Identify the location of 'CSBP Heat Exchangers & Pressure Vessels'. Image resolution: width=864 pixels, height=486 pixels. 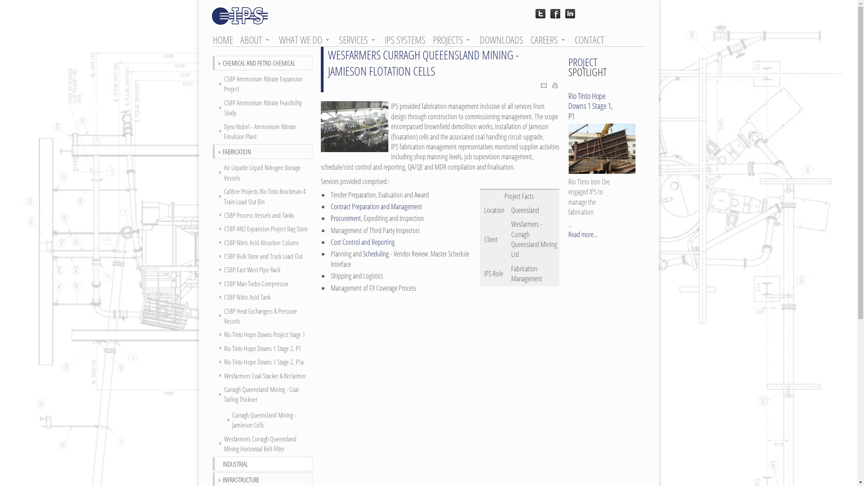
(262, 315).